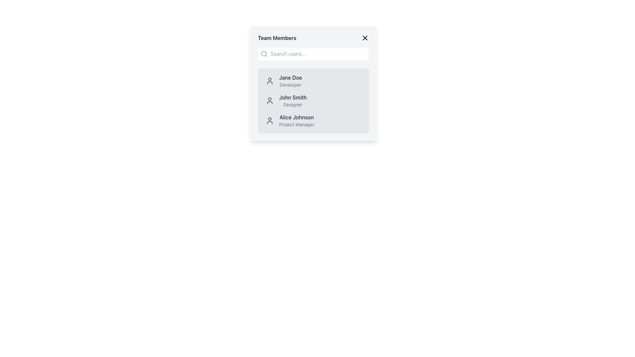 This screenshot has width=635, height=357. Describe the element at coordinates (292, 100) in the screenshot. I see `the text display element showing 'John Smith' and 'Designer', which is the second entry in the list of team members` at that location.